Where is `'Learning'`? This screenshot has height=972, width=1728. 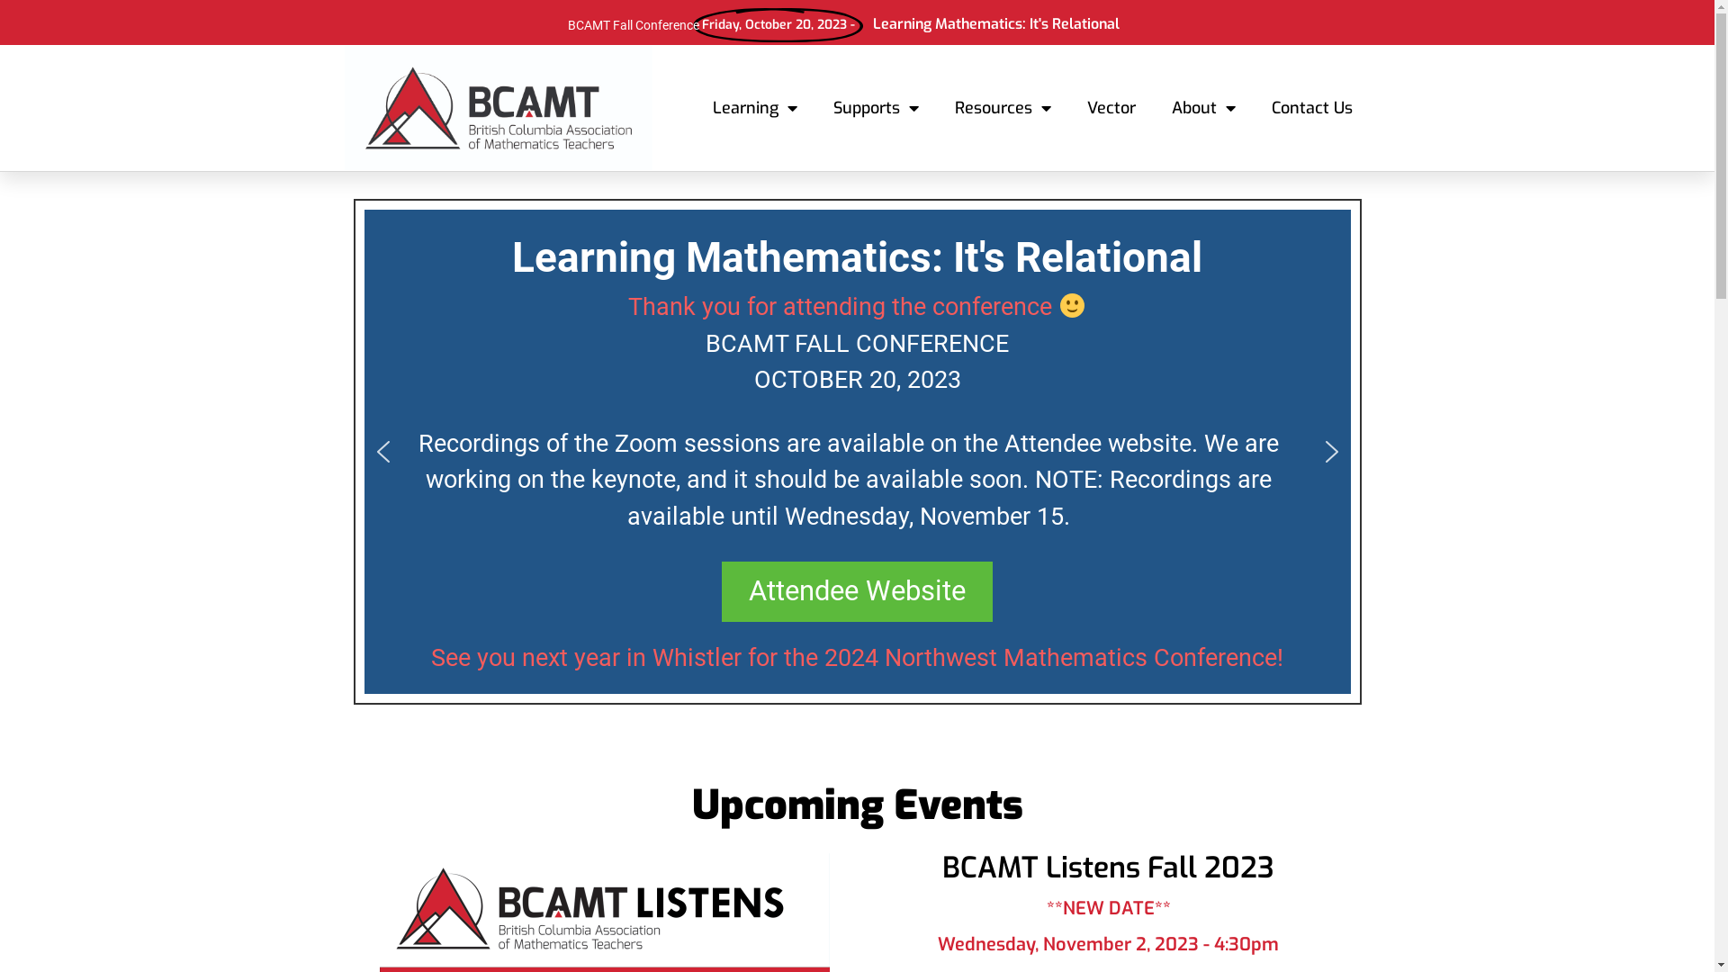
'Learning' is located at coordinates (755, 107).